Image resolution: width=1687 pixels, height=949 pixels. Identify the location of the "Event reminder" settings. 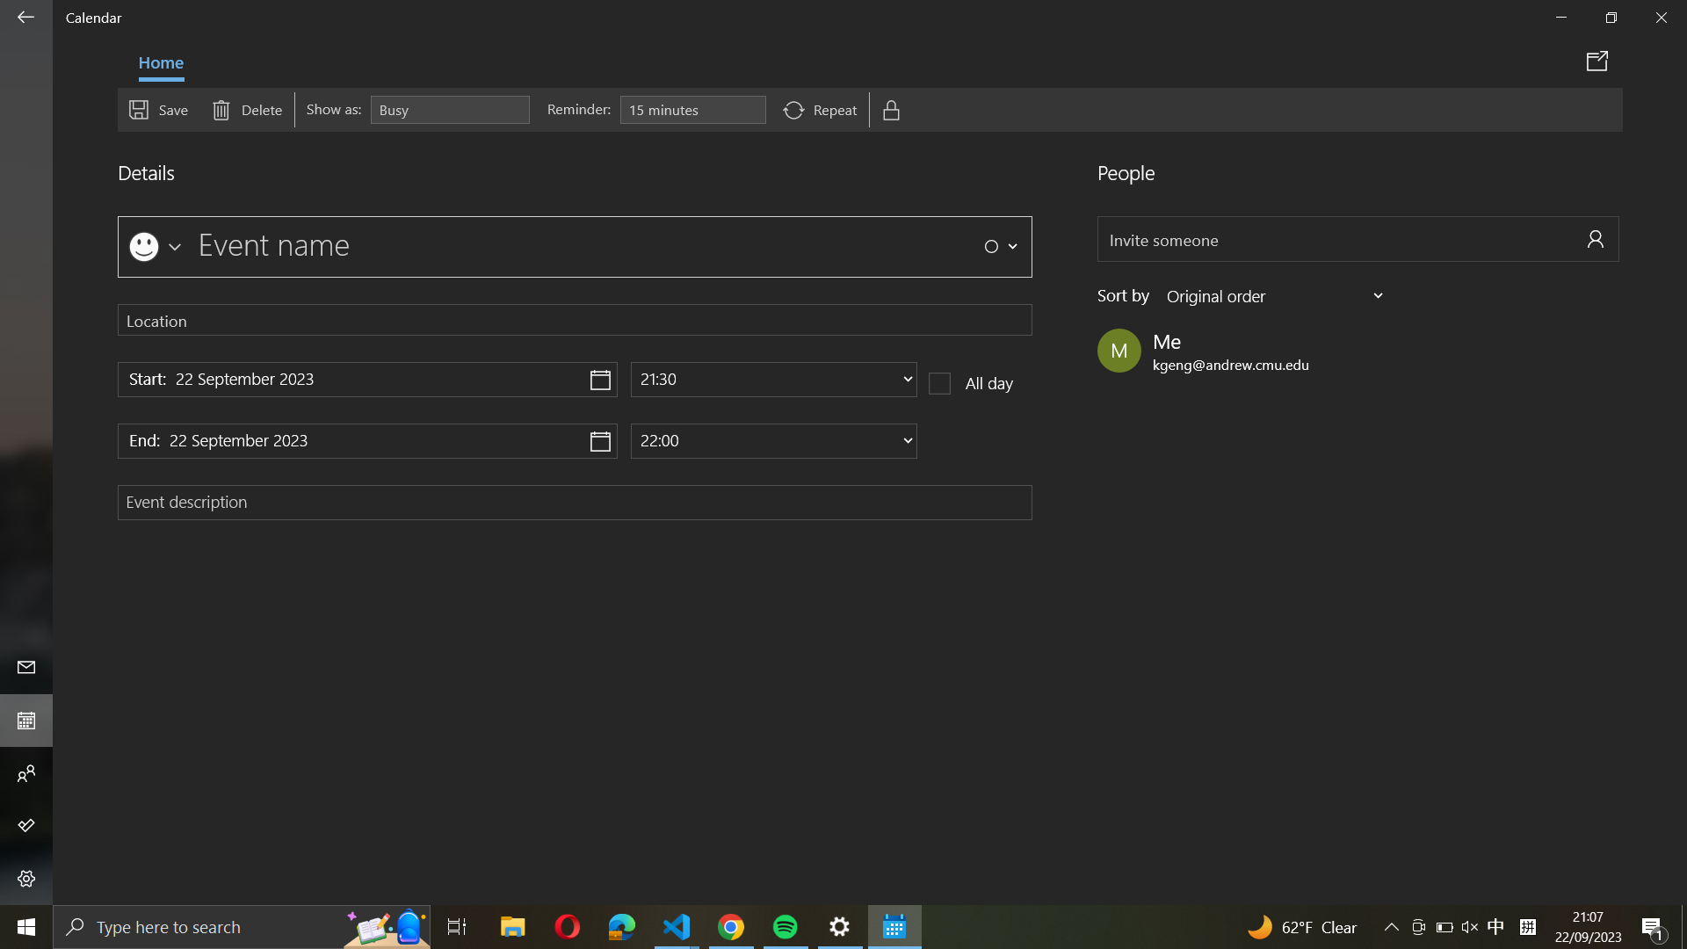
(691, 110).